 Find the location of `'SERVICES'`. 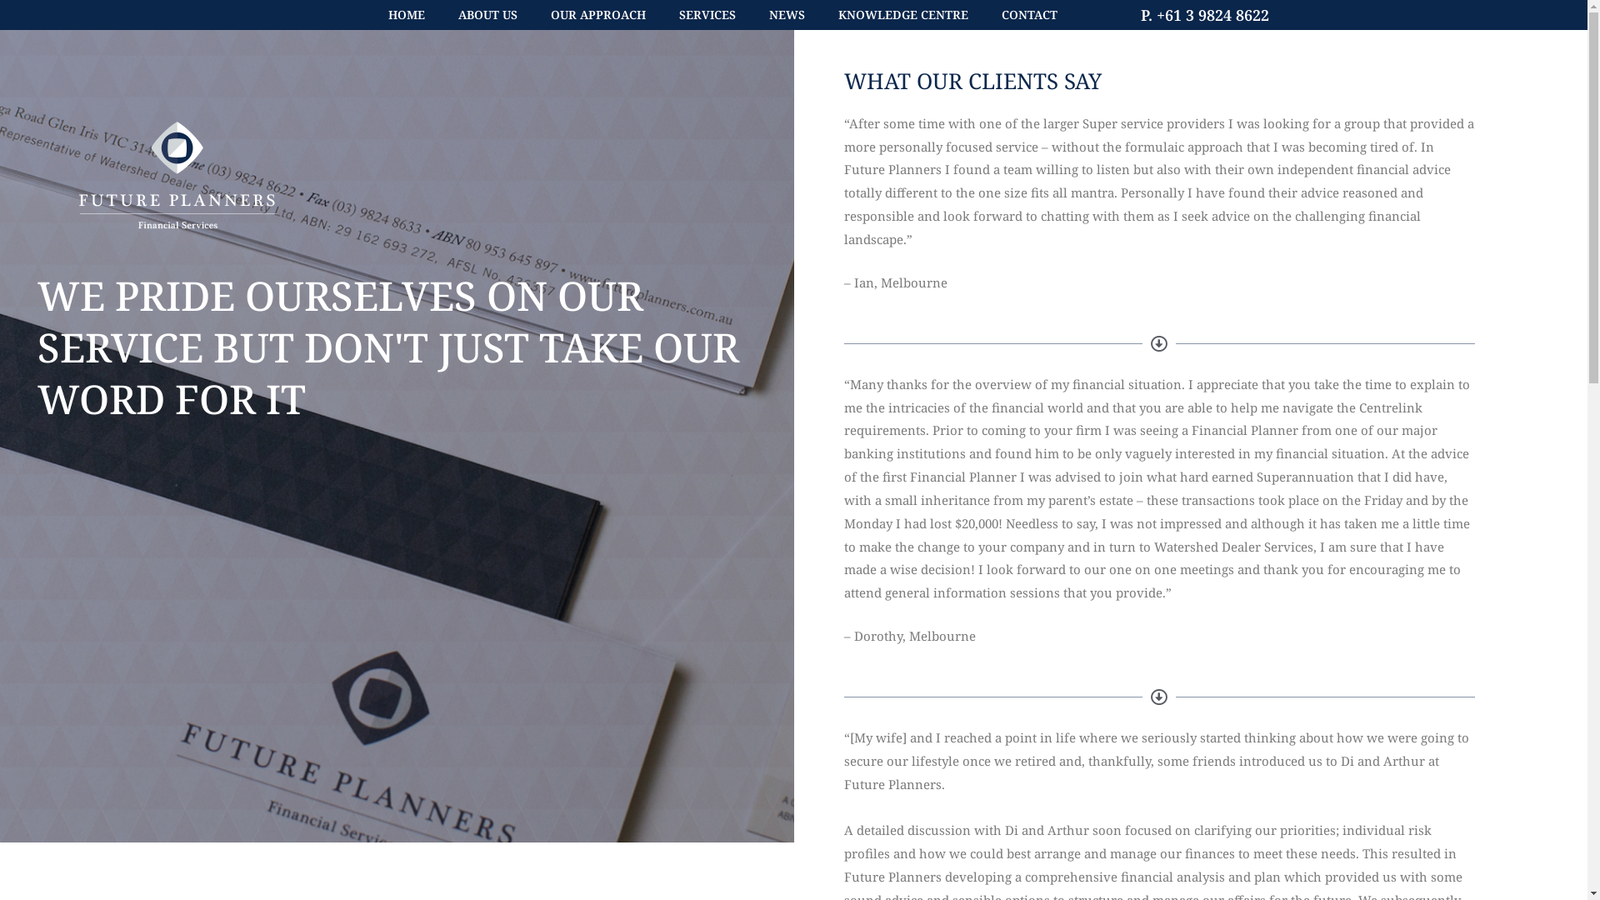

'SERVICES' is located at coordinates (707, 15).